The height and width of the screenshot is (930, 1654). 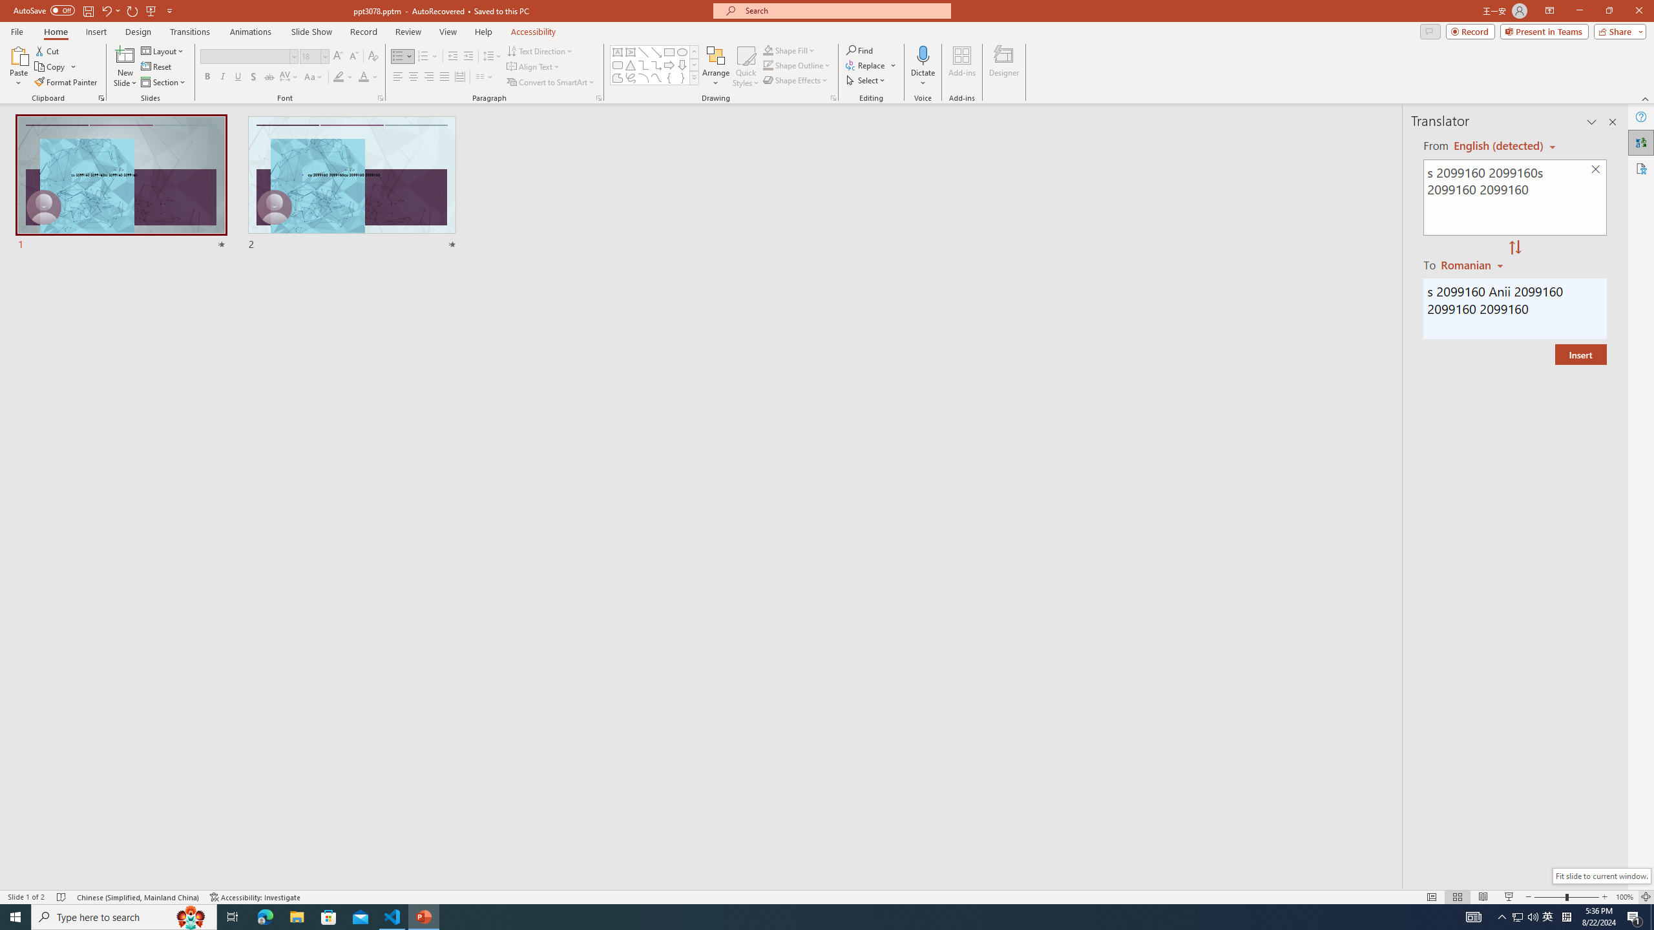 I want to click on 'Center', so click(x=413, y=76).